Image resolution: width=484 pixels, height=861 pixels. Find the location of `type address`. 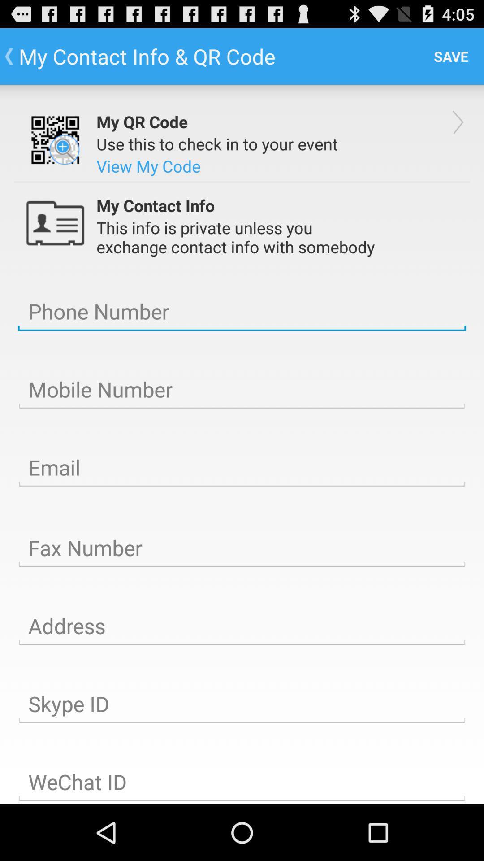

type address is located at coordinates (242, 626).